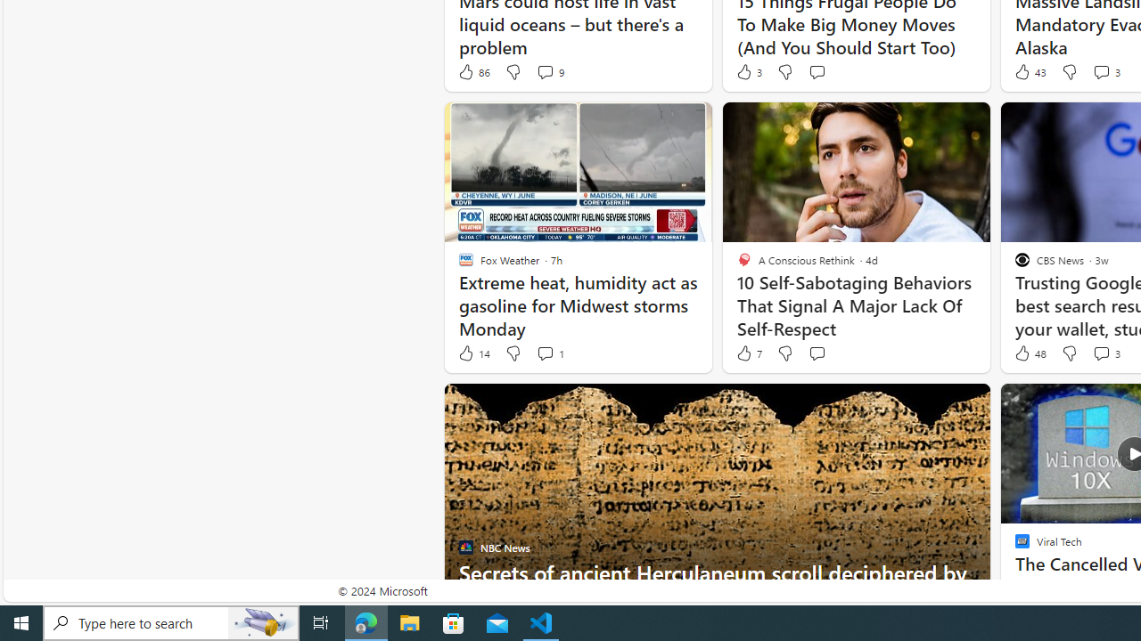  What do you see at coordinates (473, 71) in the screenshot?
I see `'86 Like'` at bounding box center [473, 71].